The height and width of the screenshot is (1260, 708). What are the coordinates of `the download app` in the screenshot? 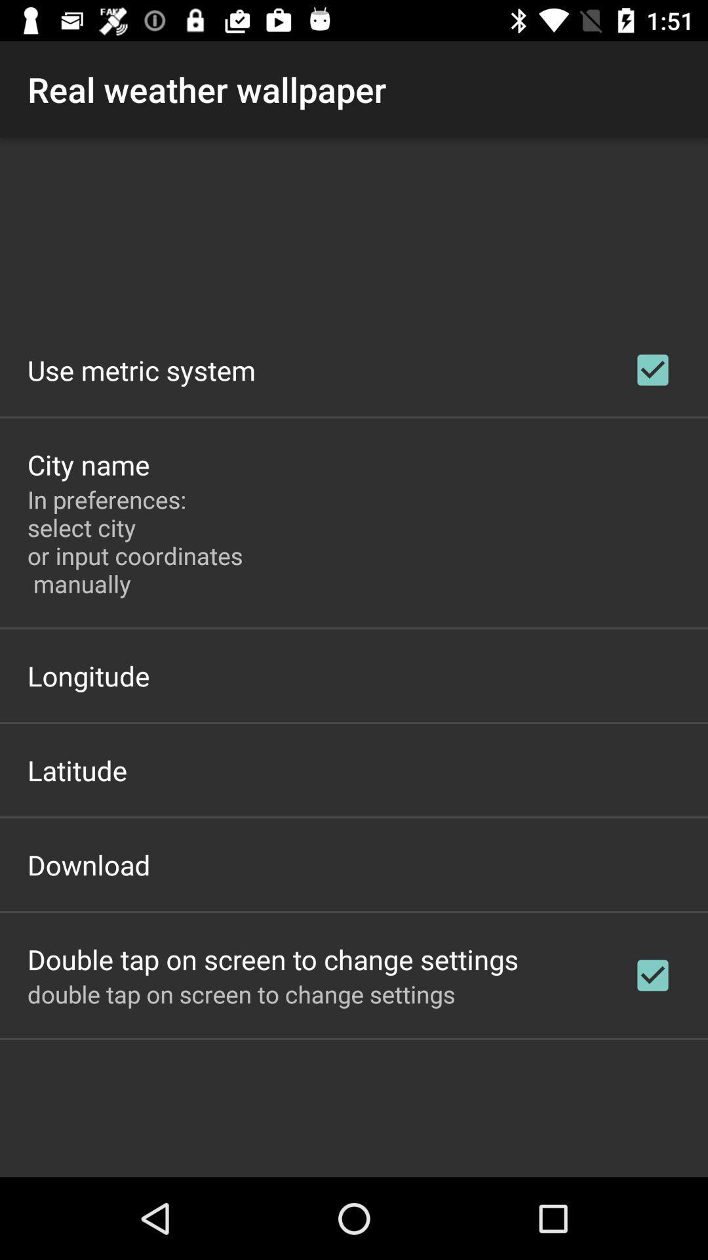 It's located at (88, 864).